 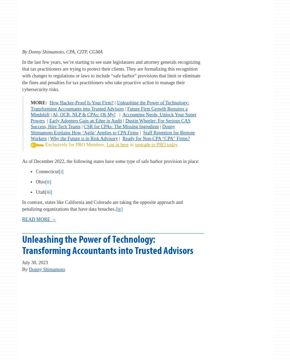 What do you see at coordinates (30, 117) in the screenshot?
I see `'Accounting Nerds, Unlock Your Super Powers'` at bounding box center [30, 117].